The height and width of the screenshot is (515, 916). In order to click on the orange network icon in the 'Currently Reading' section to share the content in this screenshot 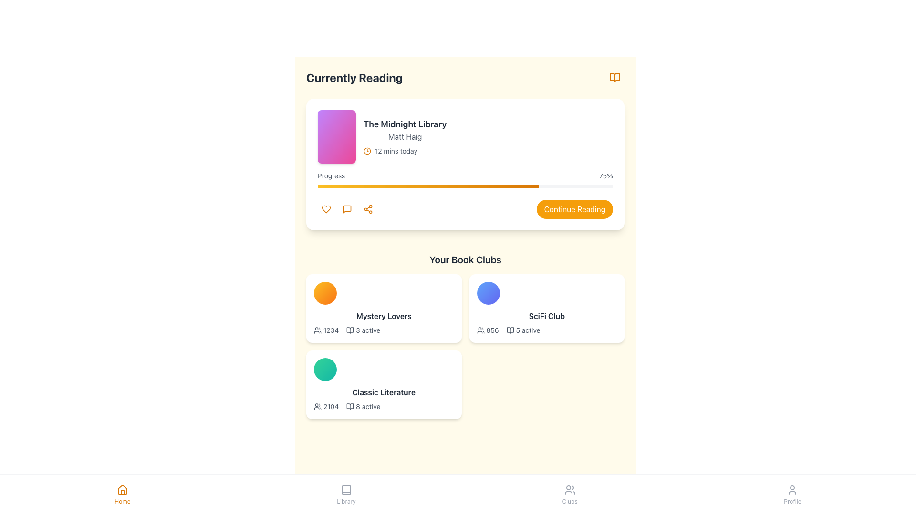, I will do `click(368, 209)`.